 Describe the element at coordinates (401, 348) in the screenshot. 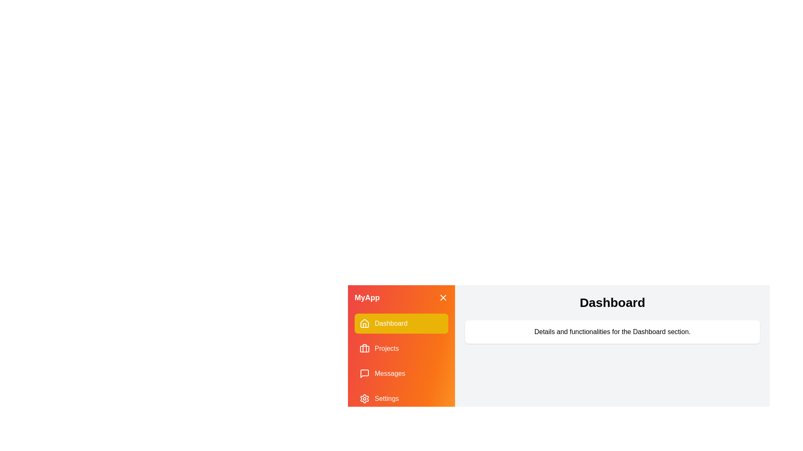

I see `the menu item Projects` at that location.